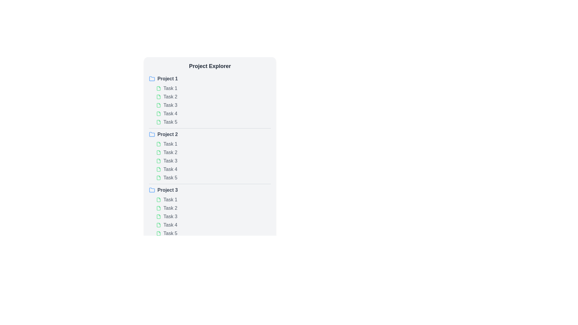  What do you see at coordinates (170, 177) in the screenshot?
I see `the text label representing 'Task 5'` at bounding box center [170, 177].